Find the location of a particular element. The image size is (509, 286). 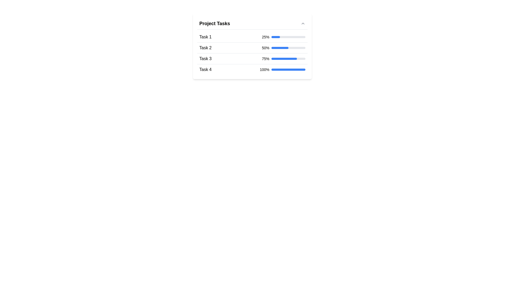

the fourth row item displaying 'Task 4' in the project management context is located at coordinates (252, 69).